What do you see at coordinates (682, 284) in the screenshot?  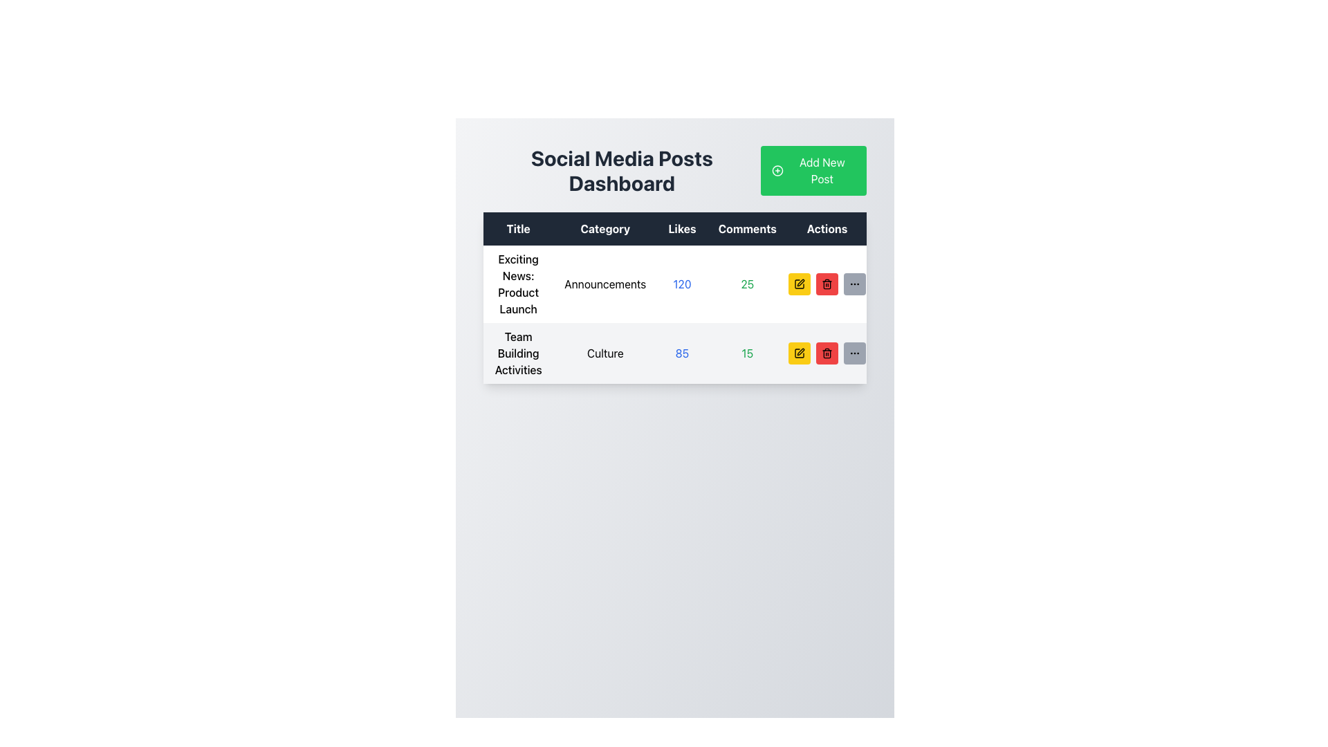 I see `the text displaying the count of likes for the 'Exciting News: Product Launch' entry` at bounding box center [682, 284].